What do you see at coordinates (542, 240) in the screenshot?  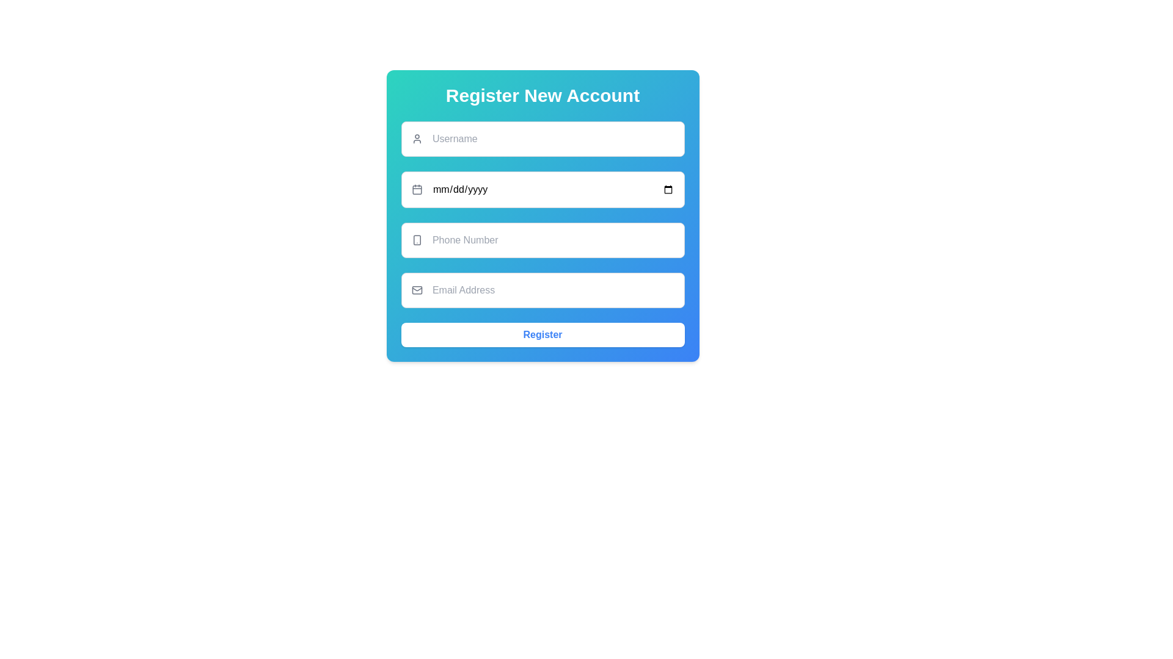 I see `the phone number input field located below the 'Birthdate' field and above the 'Email Address' field in the registration form to focus the input` at bounding box center [542, 240].